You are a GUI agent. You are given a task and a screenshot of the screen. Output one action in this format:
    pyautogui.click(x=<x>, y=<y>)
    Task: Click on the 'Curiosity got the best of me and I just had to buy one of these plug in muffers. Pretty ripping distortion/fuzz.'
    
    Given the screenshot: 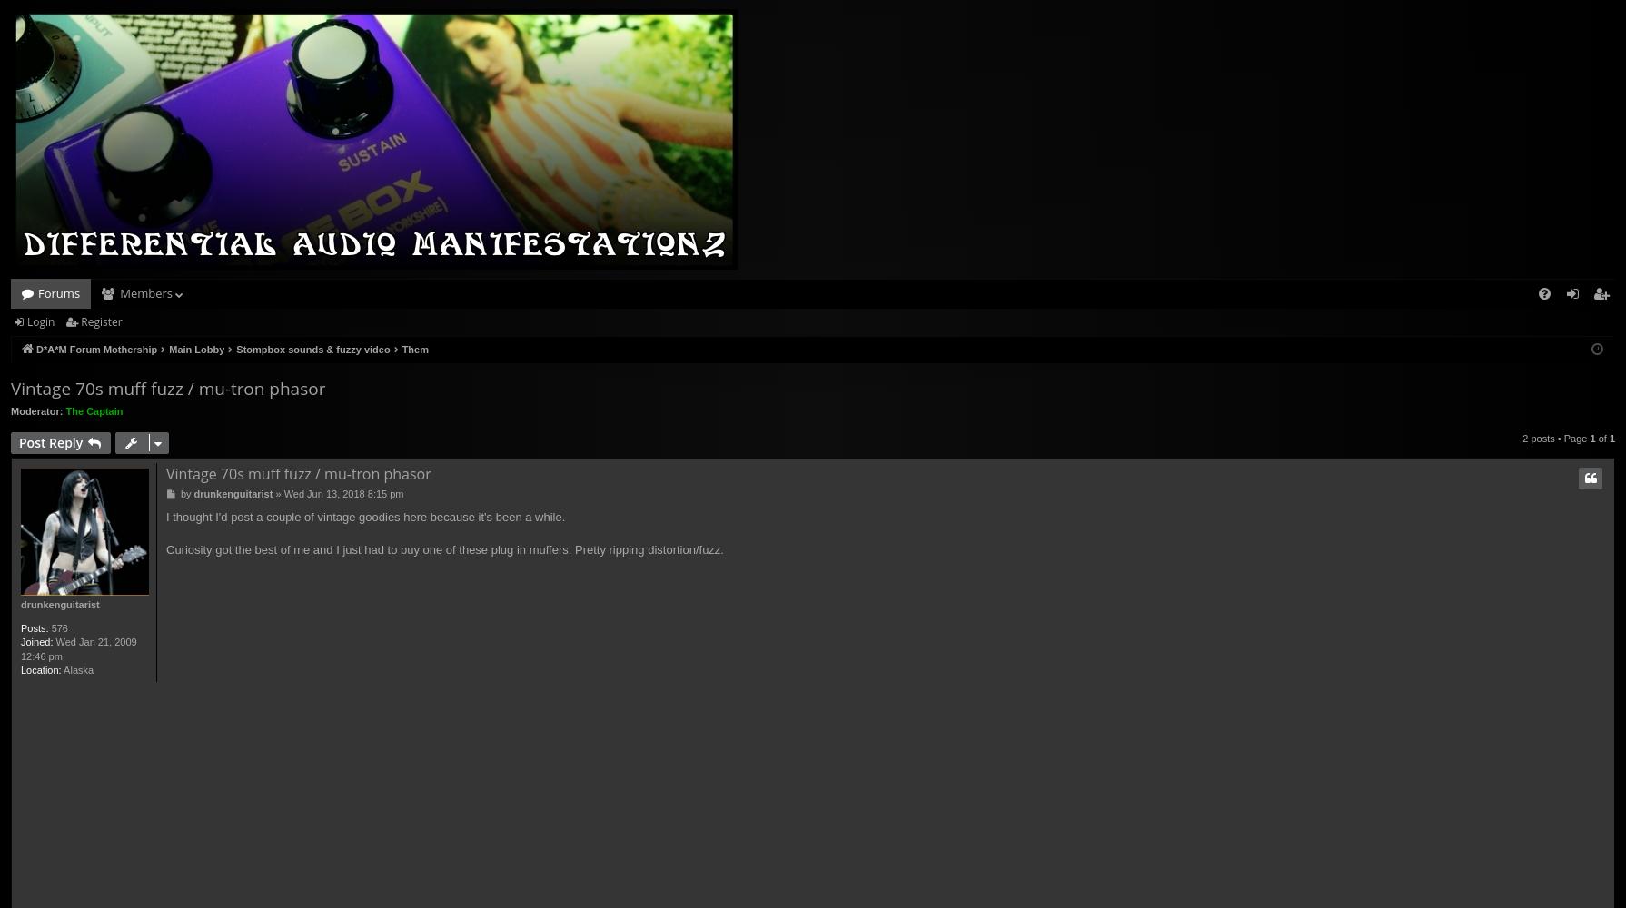 What is the action you would take?
    pyautogui.click(x=443, y=548)
    